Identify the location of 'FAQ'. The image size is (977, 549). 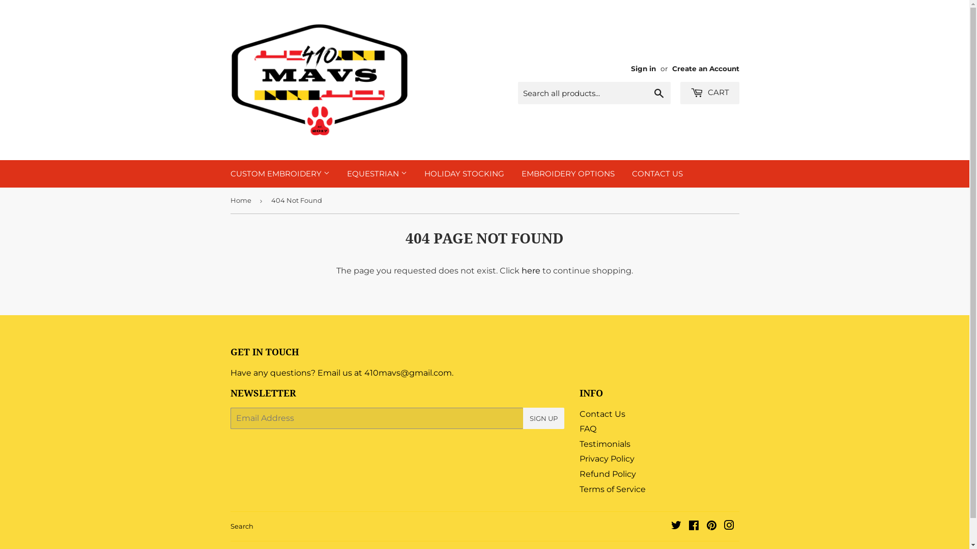
(588, 429).